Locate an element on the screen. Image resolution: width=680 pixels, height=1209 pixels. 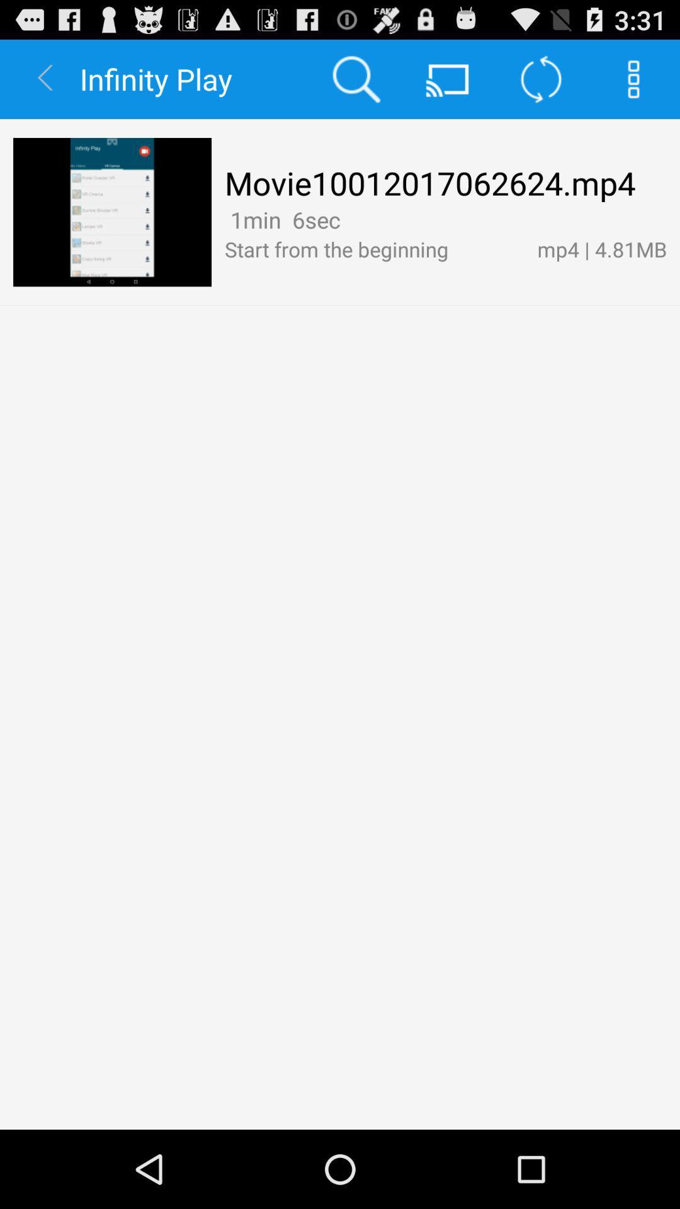
start from the icon is located at coordinates (373, 249).